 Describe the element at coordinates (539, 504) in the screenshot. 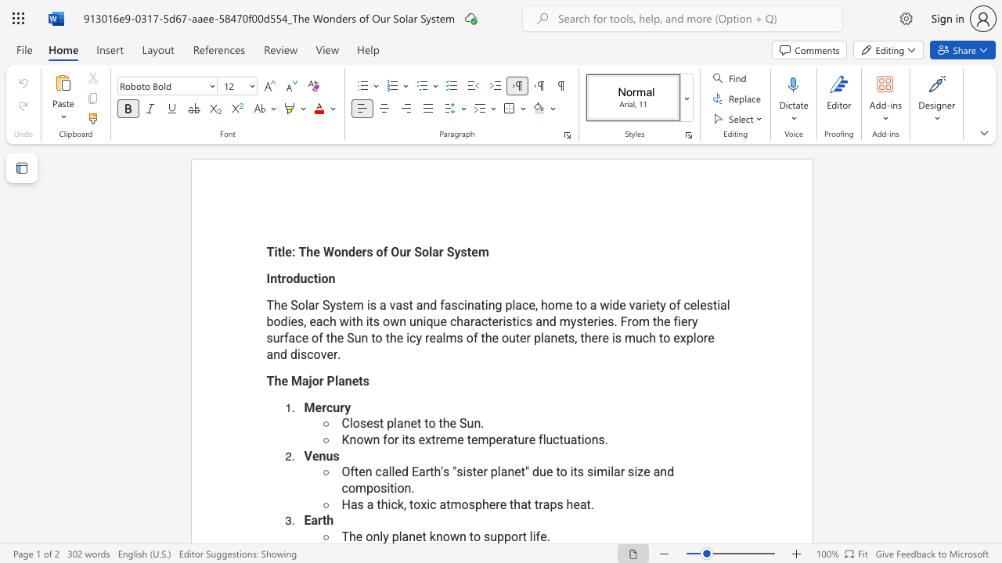

I see `the subset text "raps h" within the text "Has a thick, toxic atmosphere that traps heat."` at that location.